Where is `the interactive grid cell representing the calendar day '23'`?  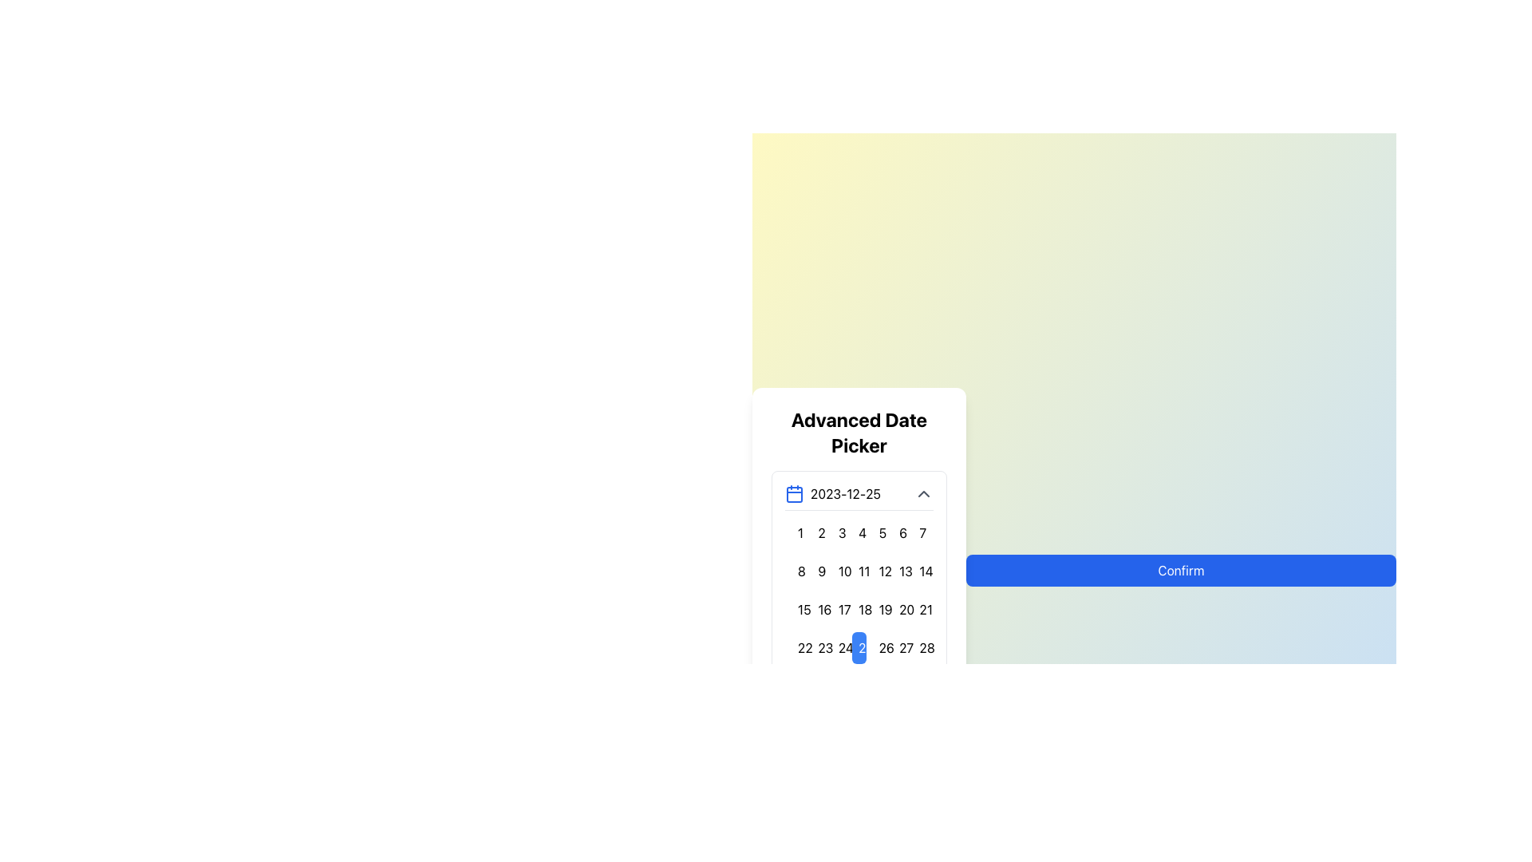 the interactive grid cell representing the calendar day '23' is located at coordinates (819, 647).